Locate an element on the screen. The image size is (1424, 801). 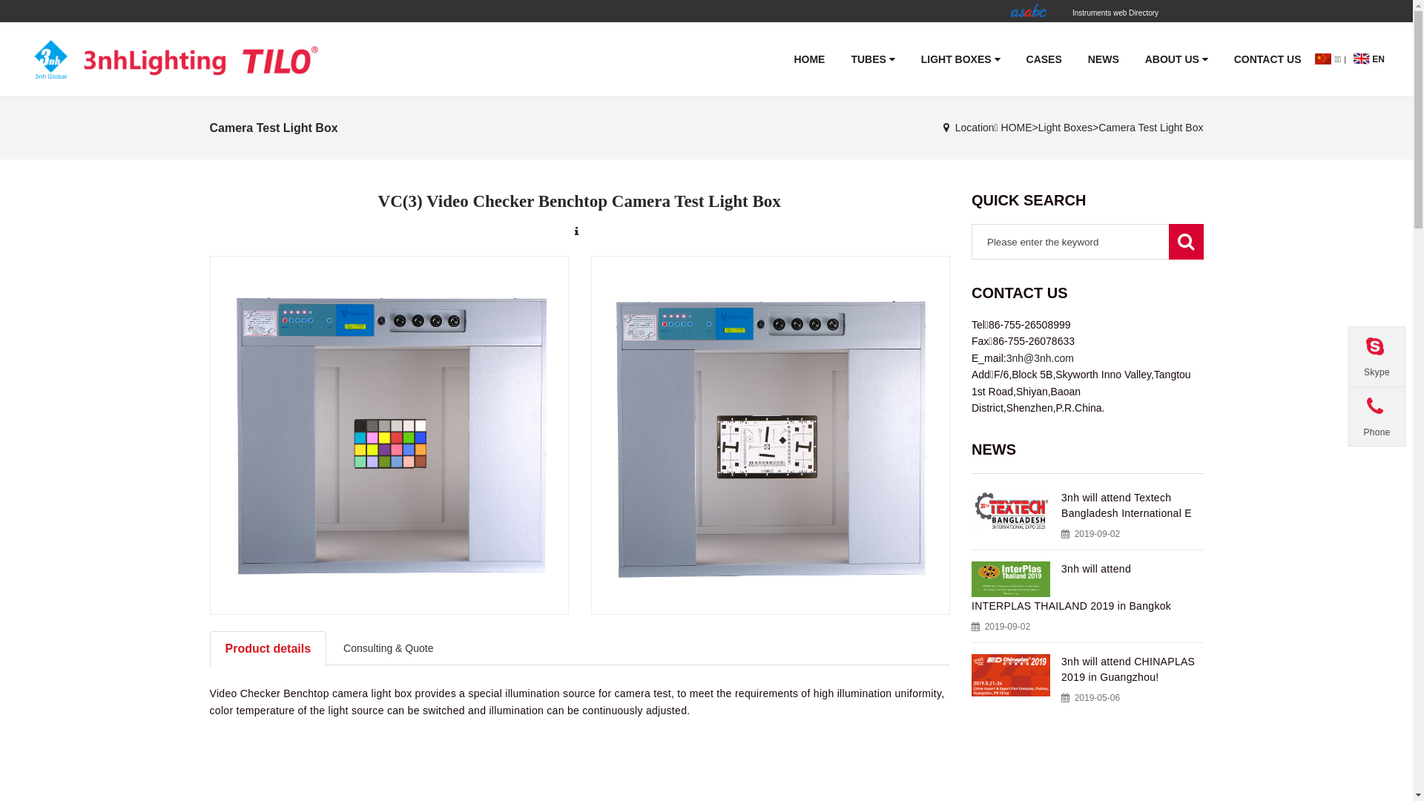
'3nh@3nh.com' is located at coordinates (1039, 357).